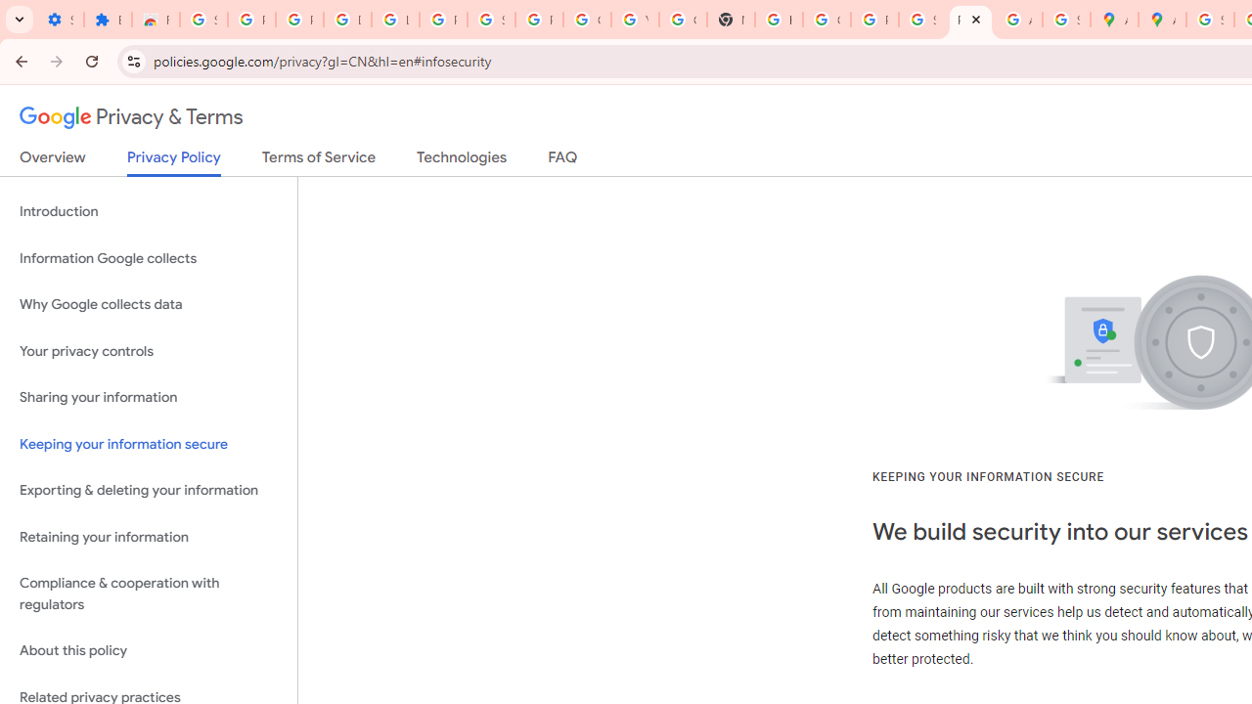 This screenshot has height=704, width=1252. I want to click on 'Learn how to find your photos - Google Photos Help', so click(394, 20).